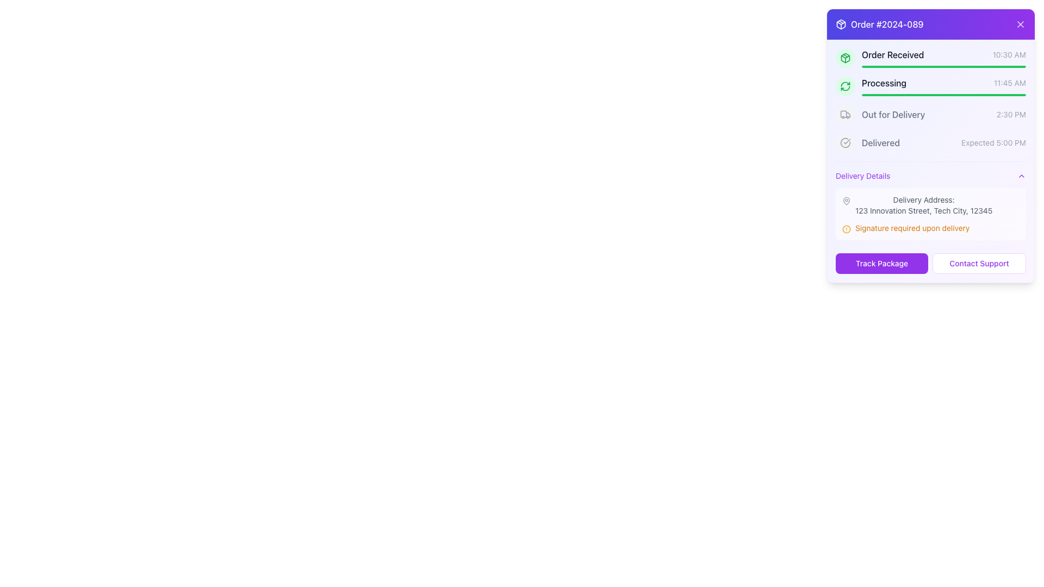 The image size is (1044, 587). Describe the element at coordinates (884, 83) in the screenshot. I see `the text label displaying 'Processing', which is styled in medium-weight dark gray font, positioned to the left of the timestamp '11:45 AM' in the timeline interface` at that location.